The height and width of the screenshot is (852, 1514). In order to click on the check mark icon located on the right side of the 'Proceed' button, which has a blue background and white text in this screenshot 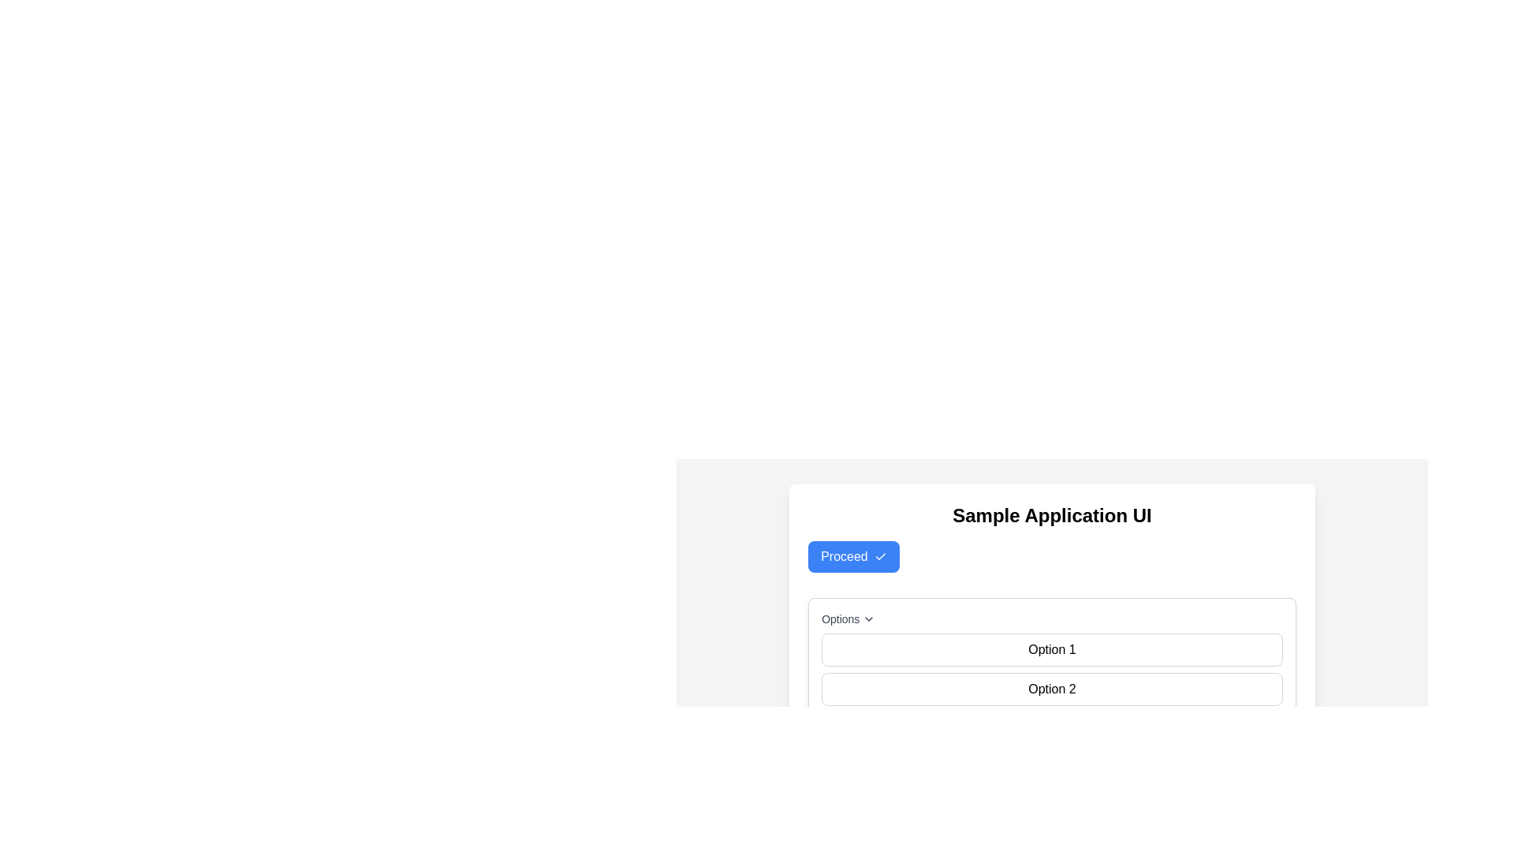, I will do `click(879, 555)`.